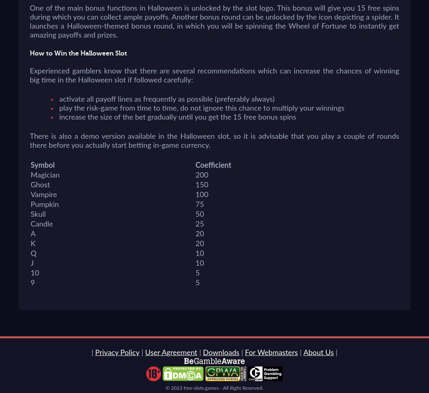  I want to click on '9', so click(33, 283).